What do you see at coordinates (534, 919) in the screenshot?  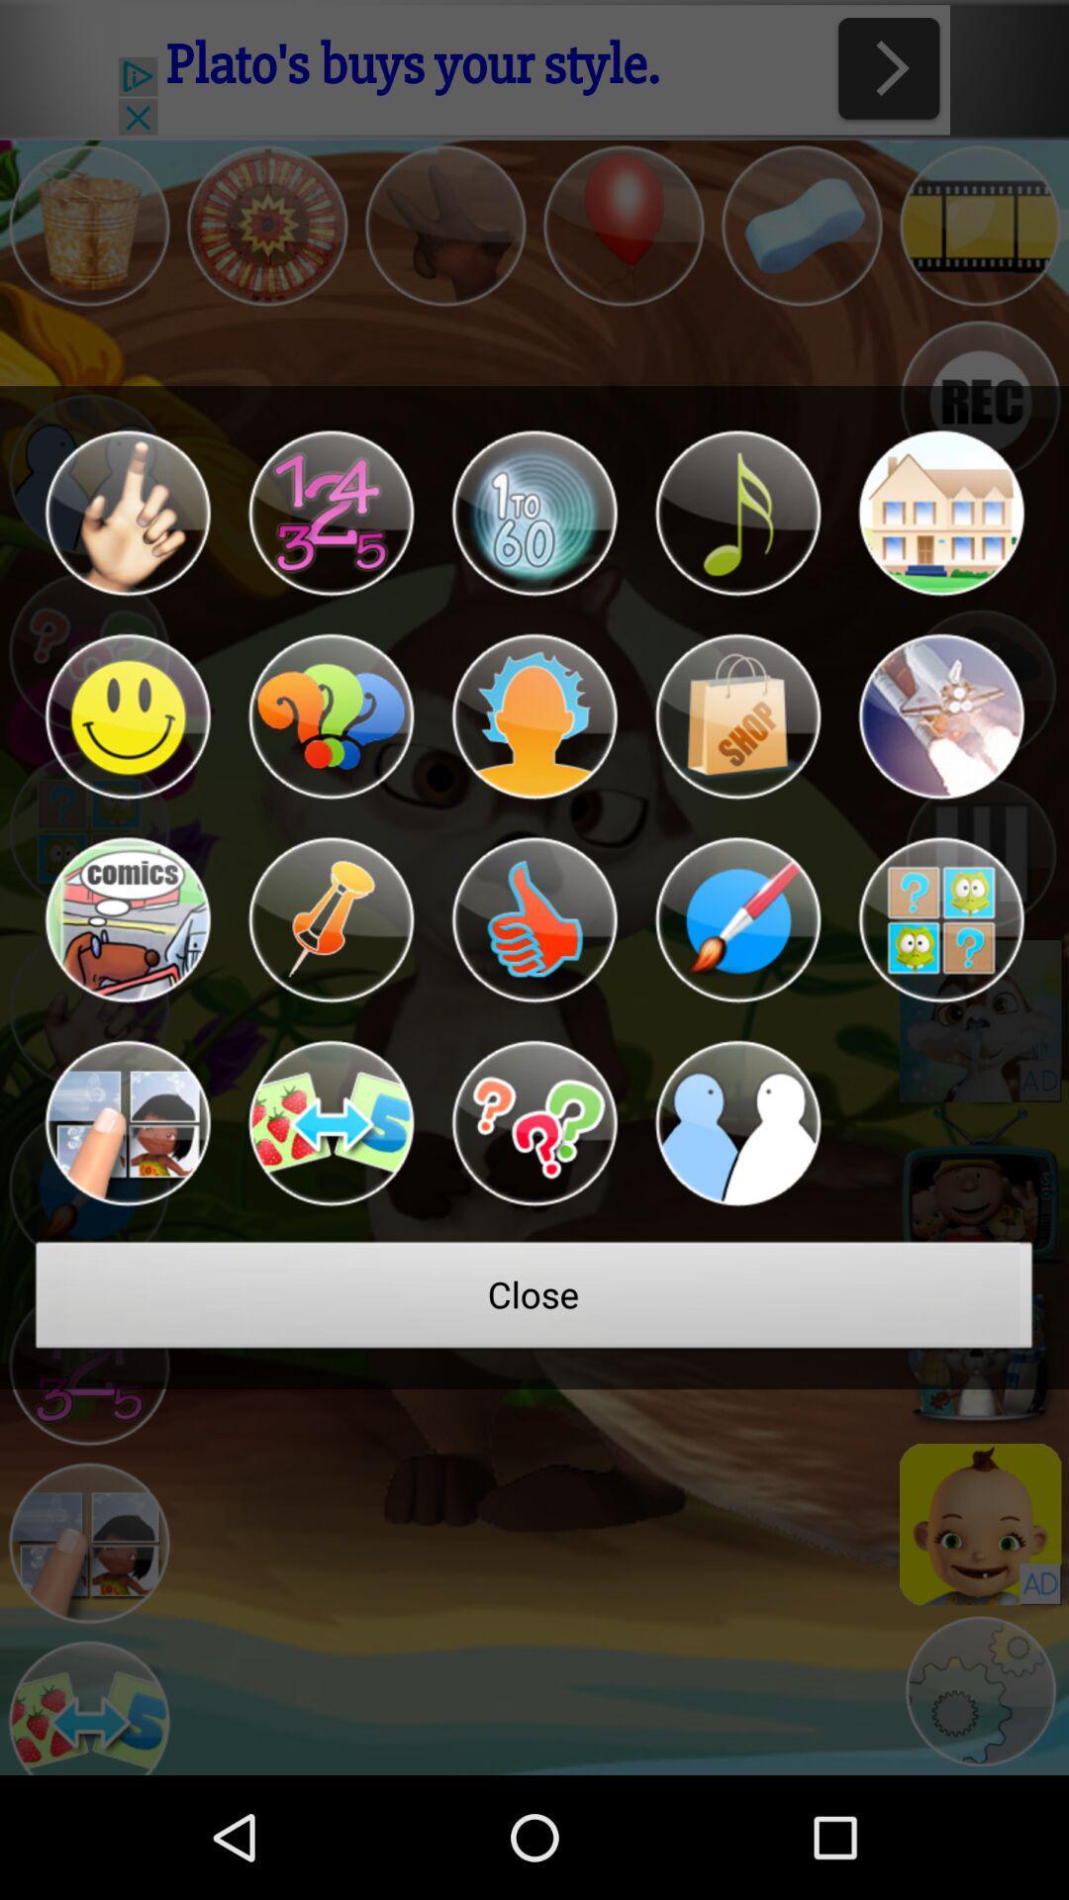 I see `praise` at bounding box center [534, 919].